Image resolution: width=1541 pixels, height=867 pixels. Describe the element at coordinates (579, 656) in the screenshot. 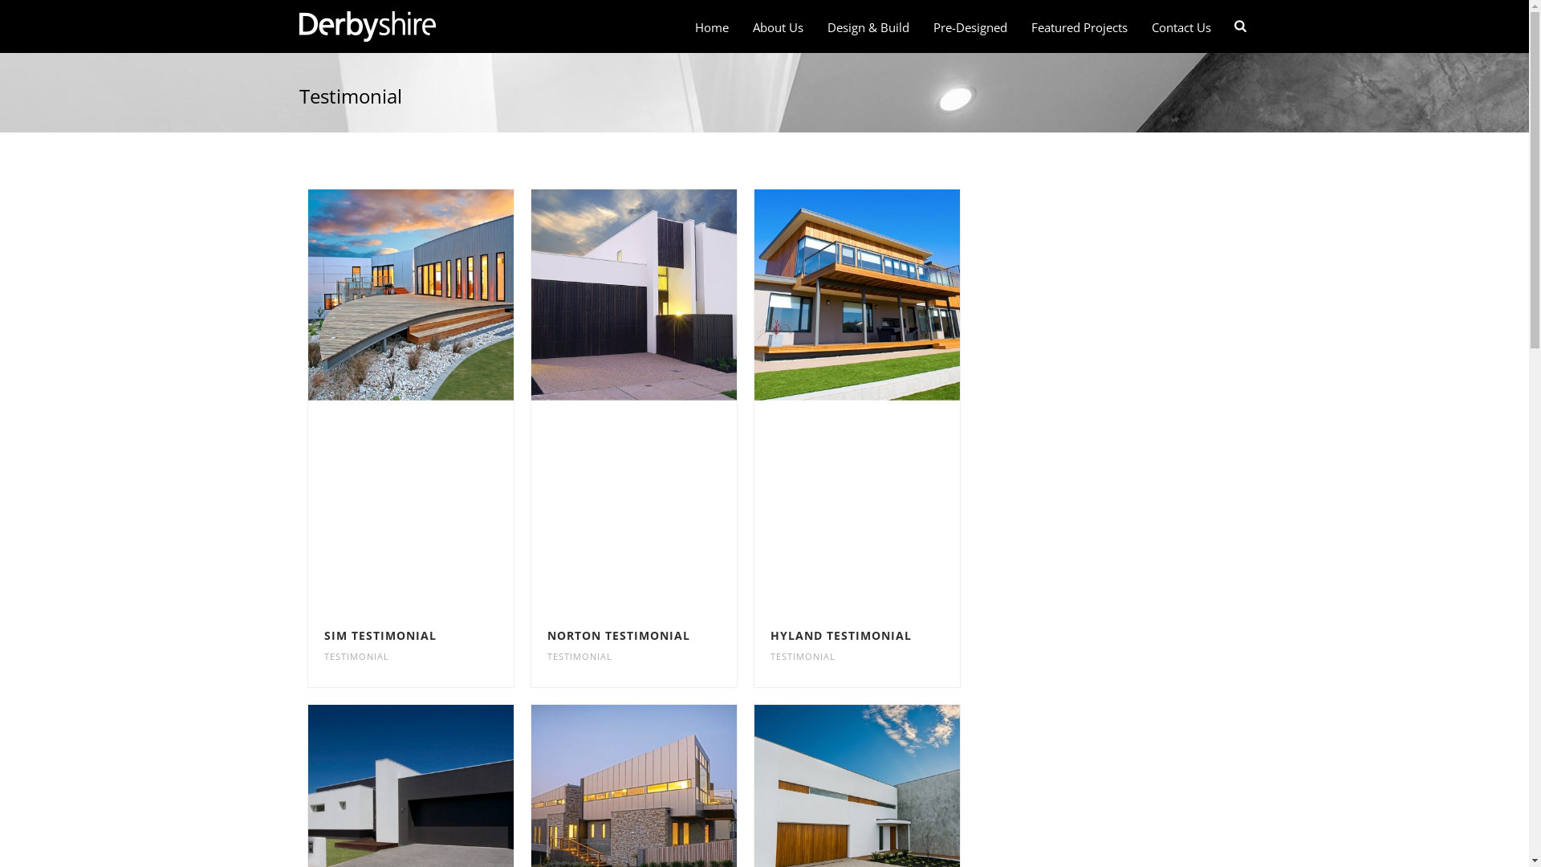

I see `'TESTIMONIAL'` at that location.